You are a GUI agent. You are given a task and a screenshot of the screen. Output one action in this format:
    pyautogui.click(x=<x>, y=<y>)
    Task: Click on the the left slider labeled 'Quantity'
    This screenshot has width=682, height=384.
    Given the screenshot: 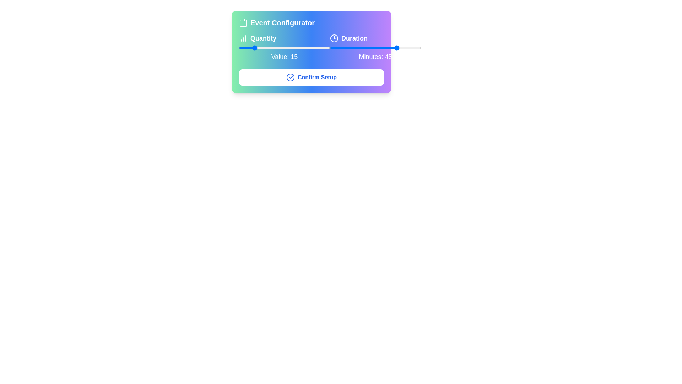 What is the action you would take?
    pyautogui.click(x=312, y=48)
    